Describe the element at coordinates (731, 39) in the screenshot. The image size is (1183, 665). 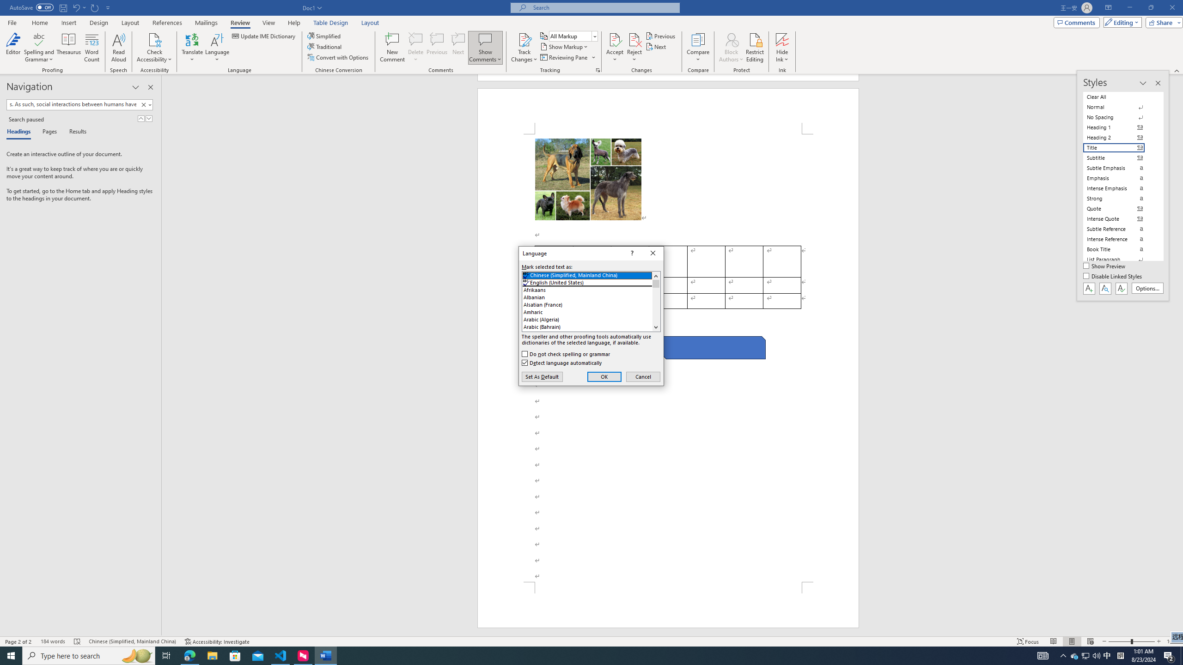
I see `'Block Authors'` at that location.